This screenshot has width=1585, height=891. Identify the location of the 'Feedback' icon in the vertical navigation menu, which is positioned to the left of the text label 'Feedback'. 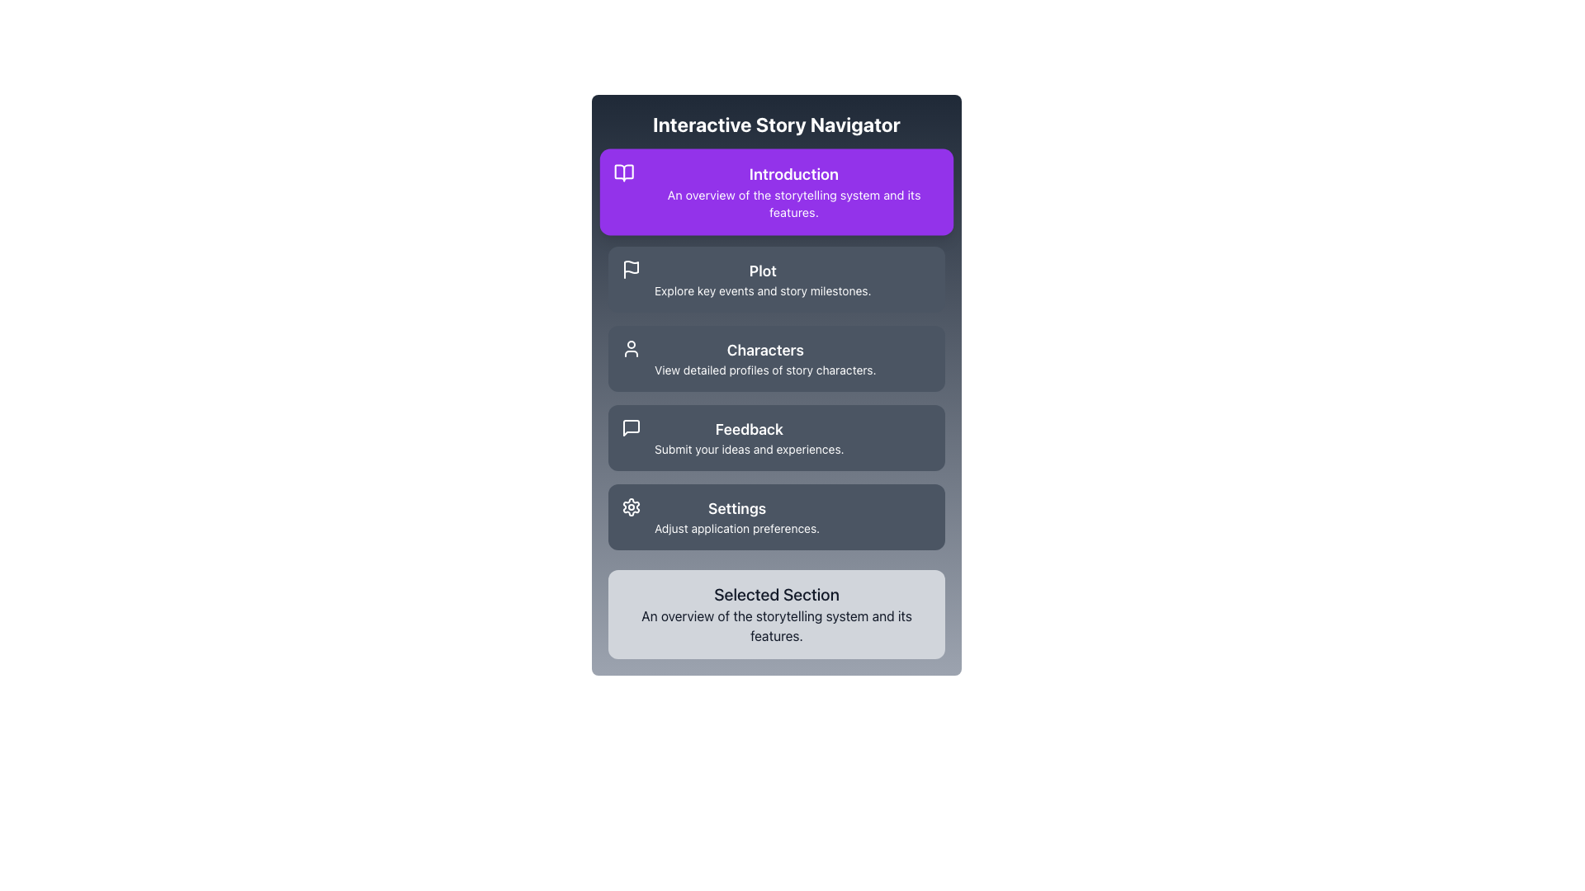
(630, 427).